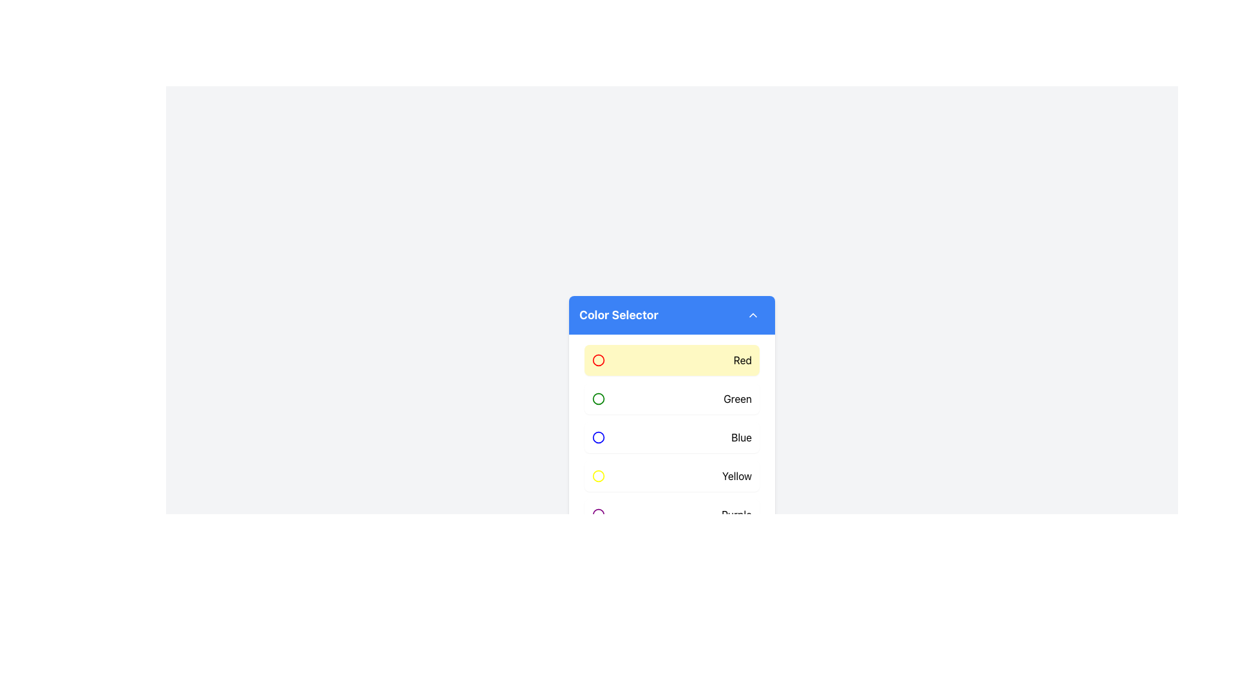 The width and height of the screenshot is (1236, 695). I want to click on the text label indicating the Yellow color in the Color Selector section, so click(736, 476).